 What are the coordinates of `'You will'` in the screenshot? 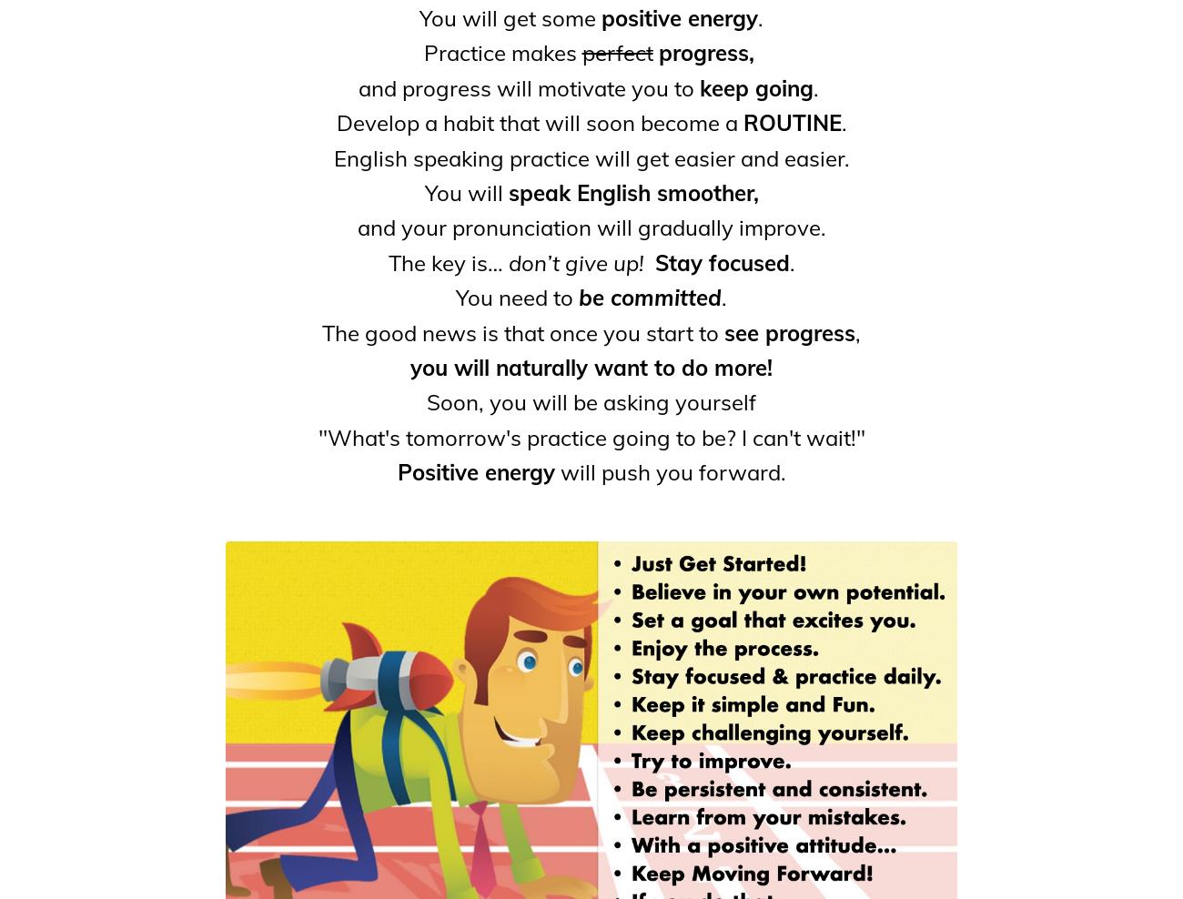 It's located at (465, 192).